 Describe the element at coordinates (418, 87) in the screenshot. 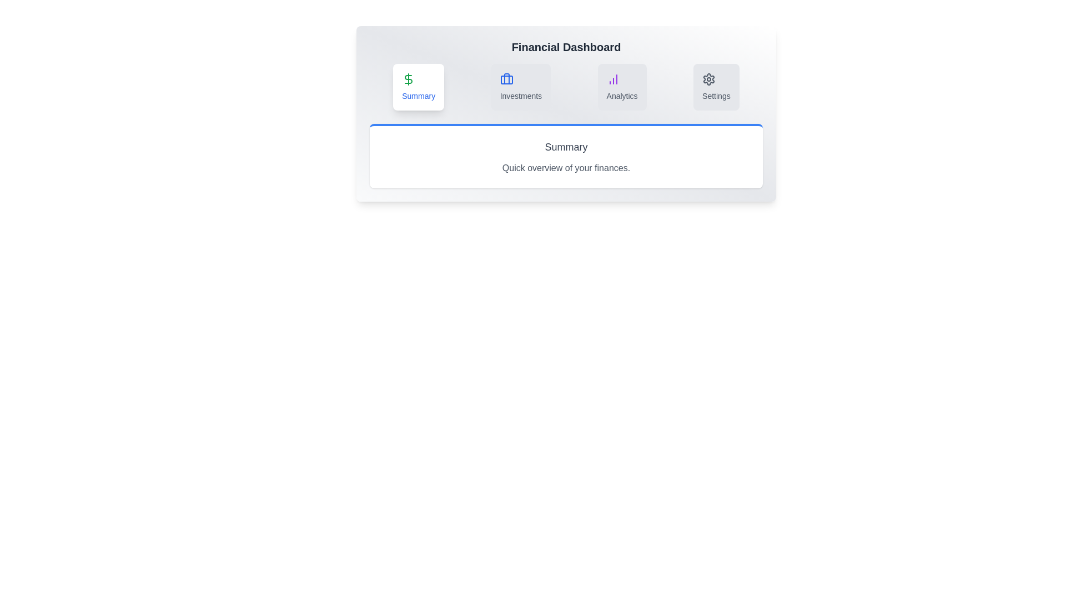

I see `the Summary tab to view its content` at that location.